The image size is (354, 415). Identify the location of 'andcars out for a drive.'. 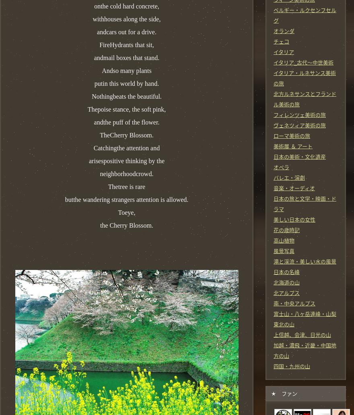
(126, 31).